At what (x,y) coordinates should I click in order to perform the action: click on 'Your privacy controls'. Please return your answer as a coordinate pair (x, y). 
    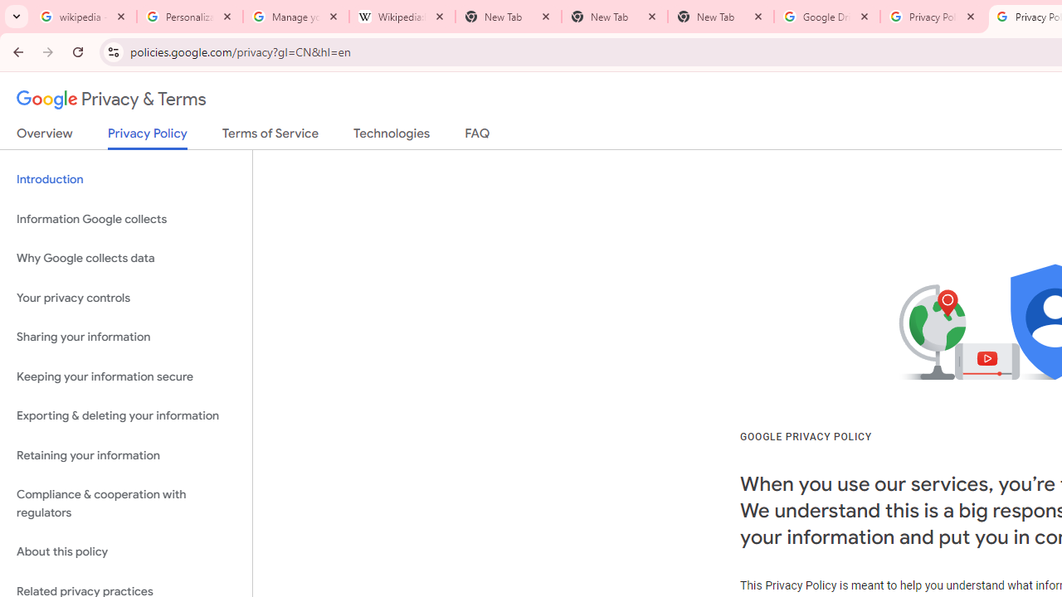
    Looking at the image, I should click on (125, 297).